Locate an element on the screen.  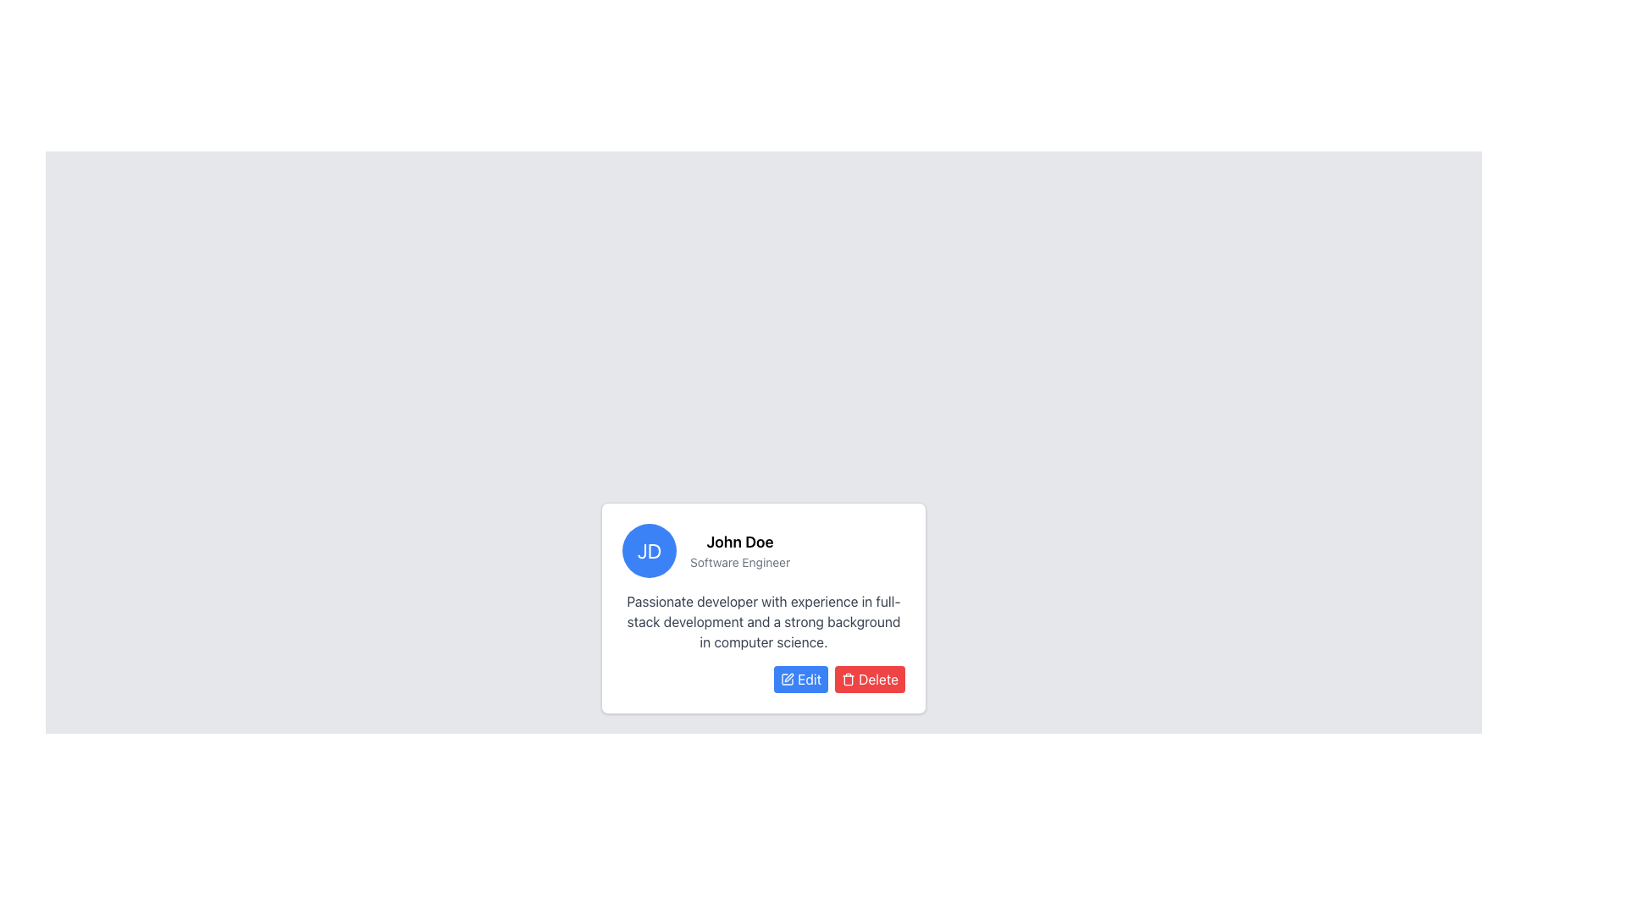
the avatar located in the top-left corner of the section containing information about the person, which is visually represented as a circle aligned vertically with the text to its right is located at coordinates (649, 551).